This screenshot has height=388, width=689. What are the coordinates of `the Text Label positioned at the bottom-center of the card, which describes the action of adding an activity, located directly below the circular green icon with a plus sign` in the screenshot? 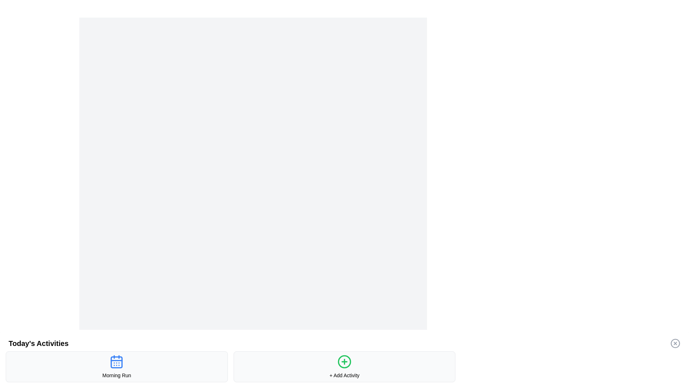 It's located at (344, 375).